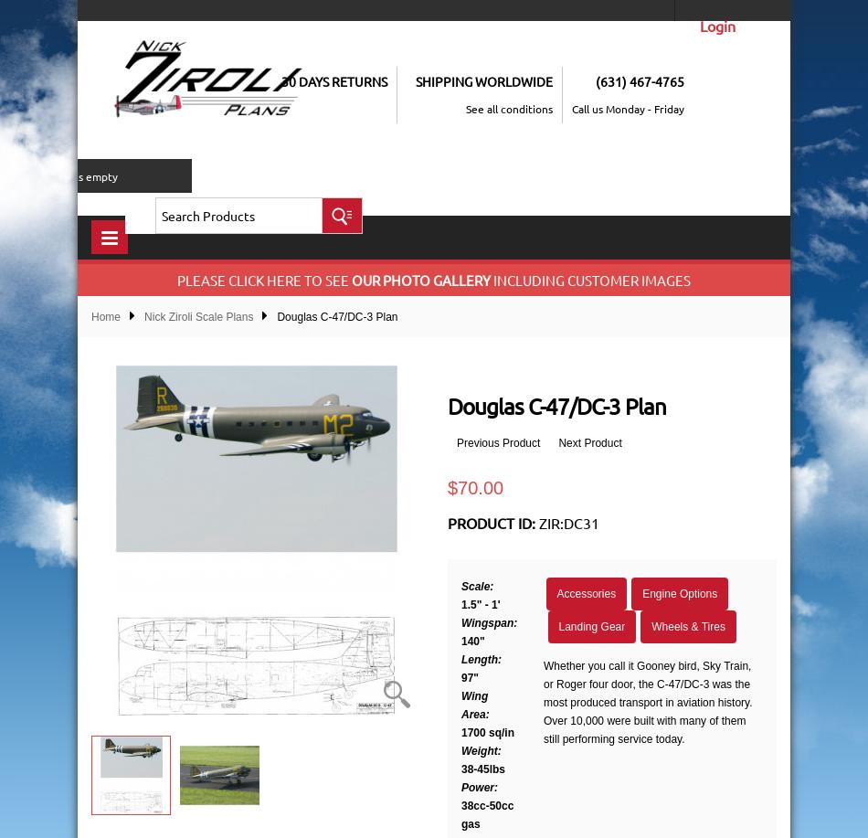 This screenshot has width=868, height=838. What do you see at coordinates (351, 280) in the screenshot?
I see `'OUR PHOTO GALLERY'` at bounding box center [351, 280].